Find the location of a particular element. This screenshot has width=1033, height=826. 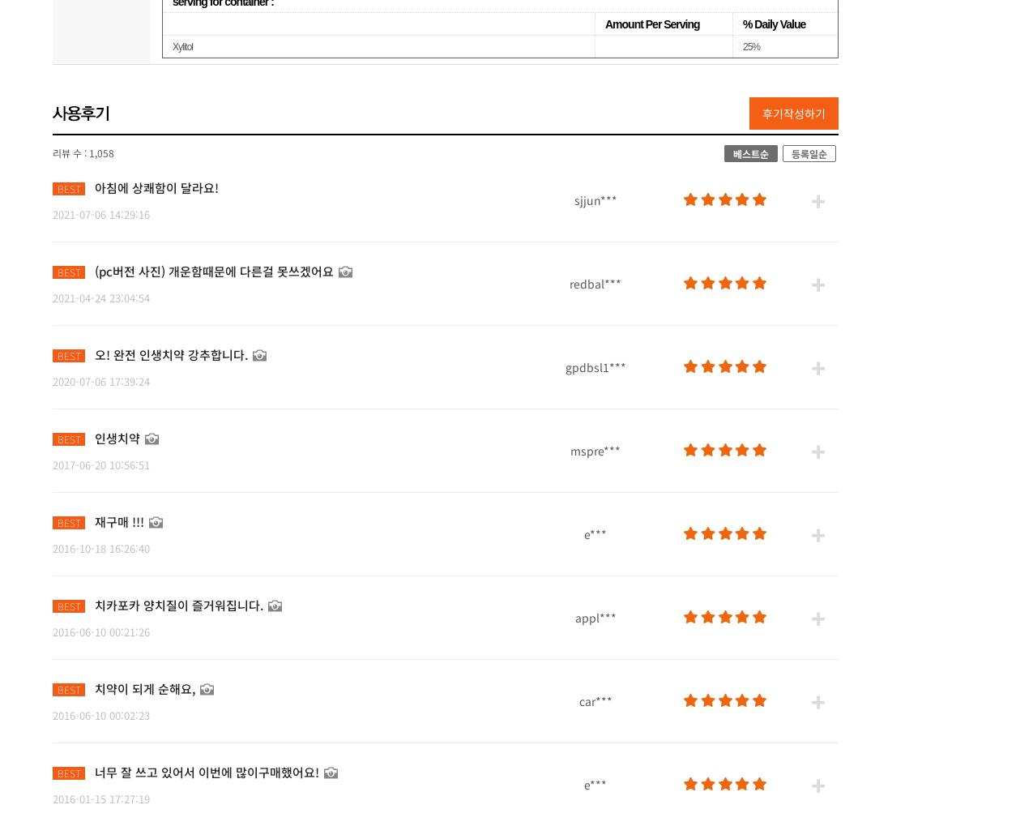

'아침에 상쾌함이 달라요!' is located at coordinates (156, 186).